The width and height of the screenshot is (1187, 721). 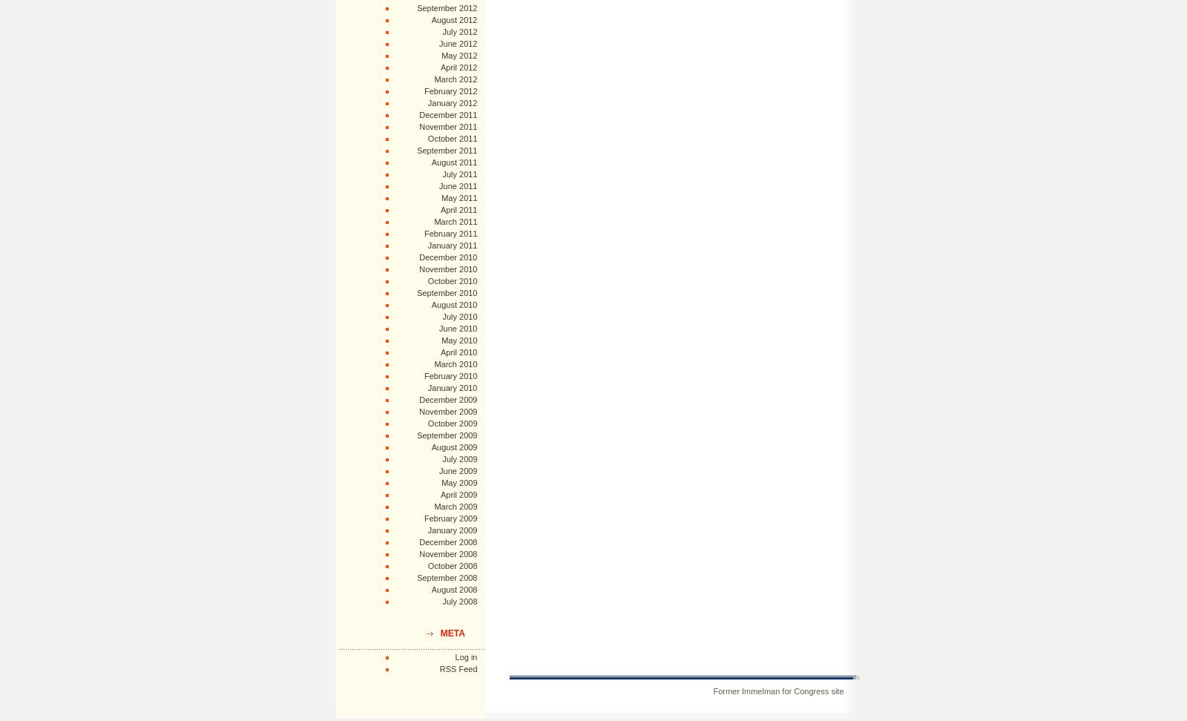 What do you see at coordinates (452, 633) in the screenshot?
I see `'meta'` at bounding box center [452, 633].